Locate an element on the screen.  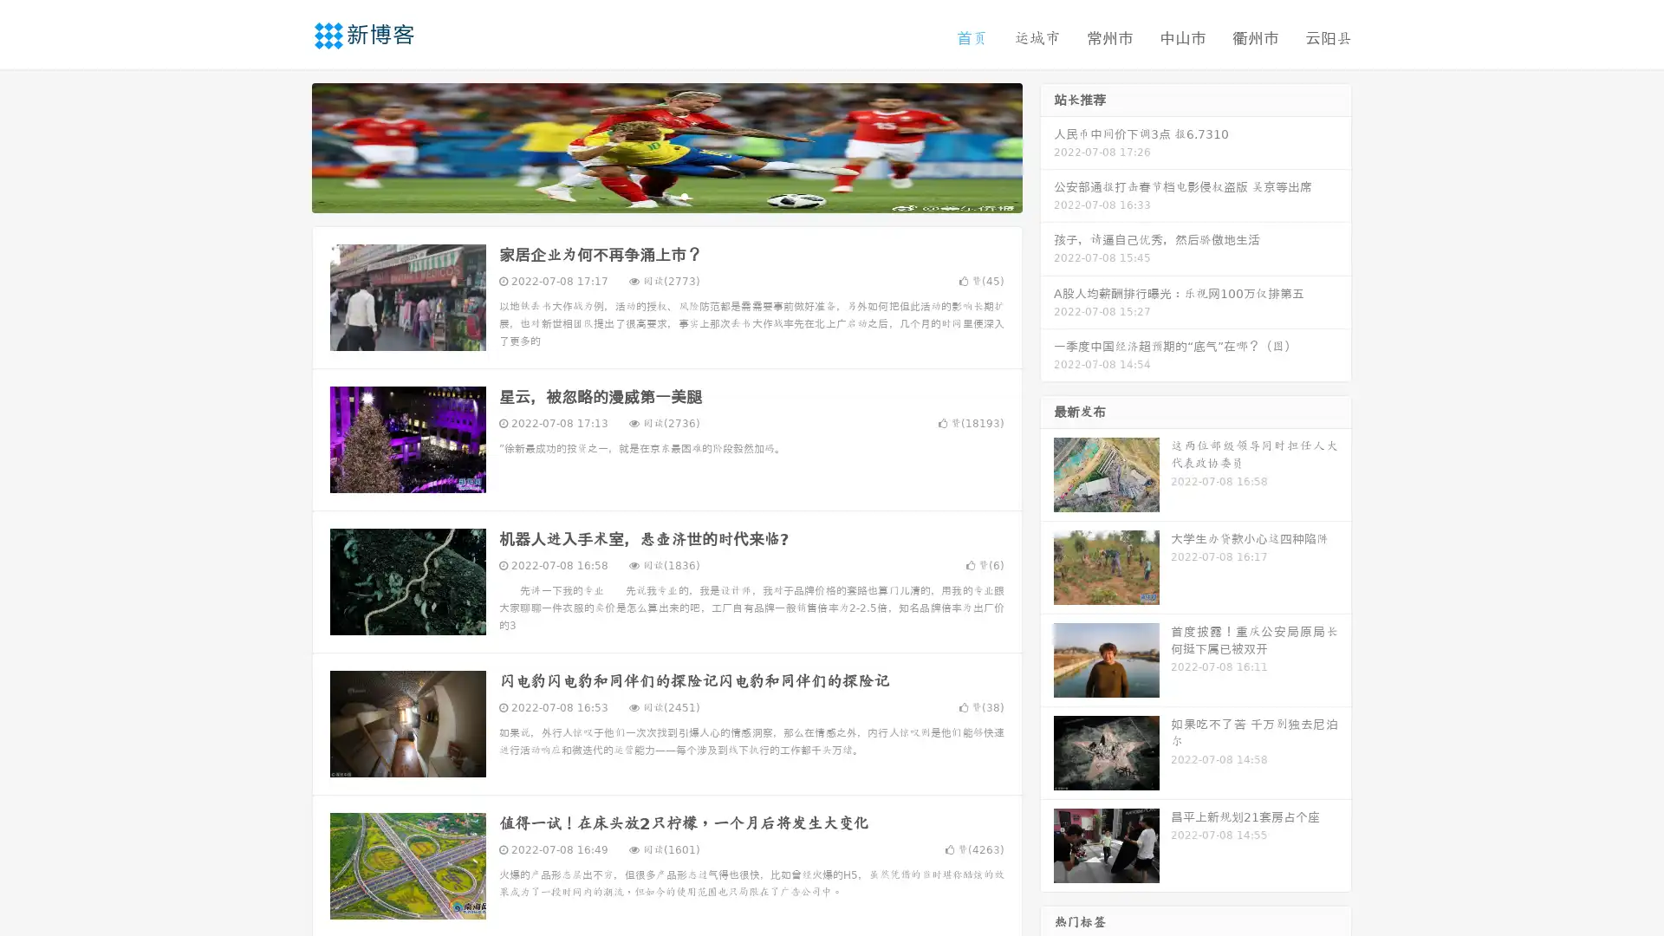
Go to slide 1 is located at coordinates (648, 195).